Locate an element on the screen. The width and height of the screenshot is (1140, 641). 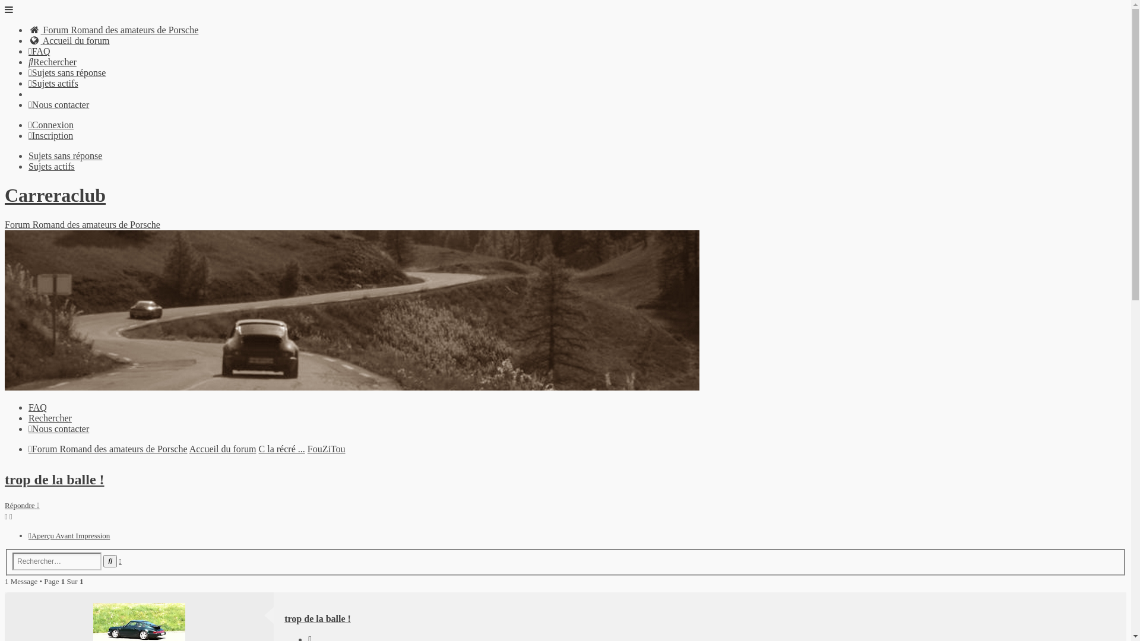
'FAQ' is located at coordinates (28, 50).